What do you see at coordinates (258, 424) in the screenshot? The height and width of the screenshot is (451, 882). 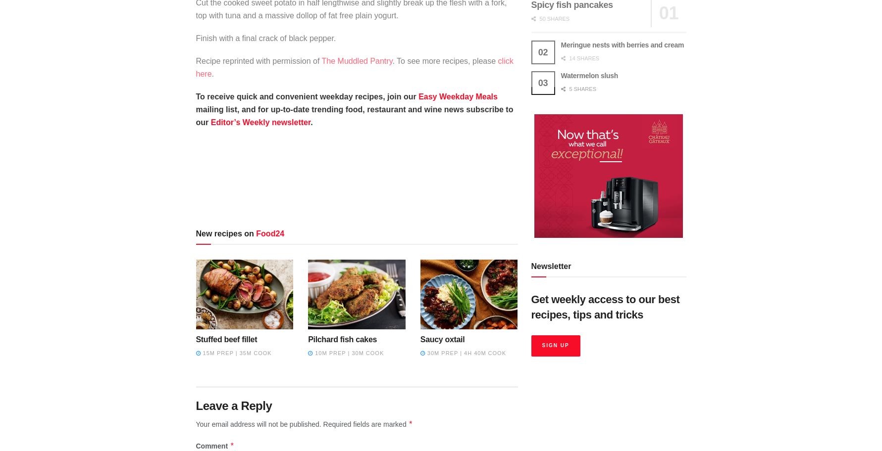 I see `'Your email address will not be published.'` at bounding box center [258, 424].